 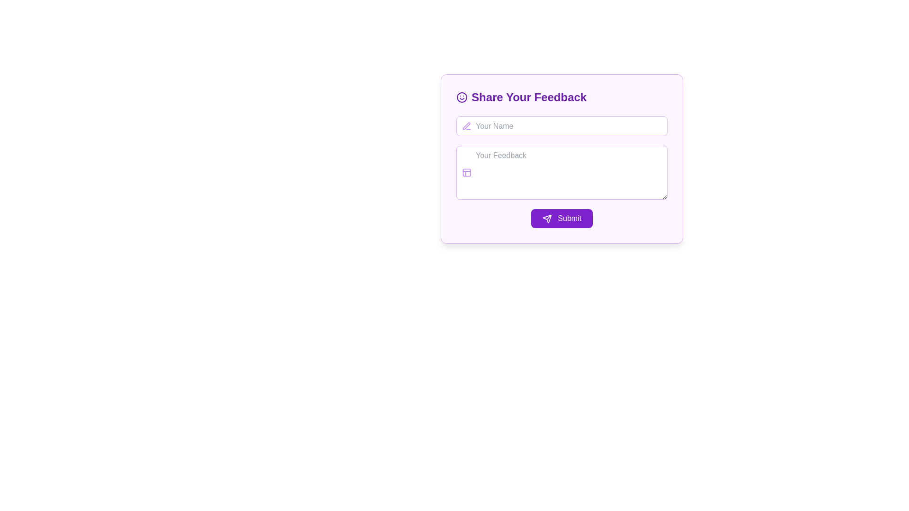 What do you see at coordinates (462, 97) in the screenshot?
I see `the purple circular icon resembling a smiling face, which is located to the left of the 'Share Your Feedback' text in the feedback form header` at bounding box center [462, 97].